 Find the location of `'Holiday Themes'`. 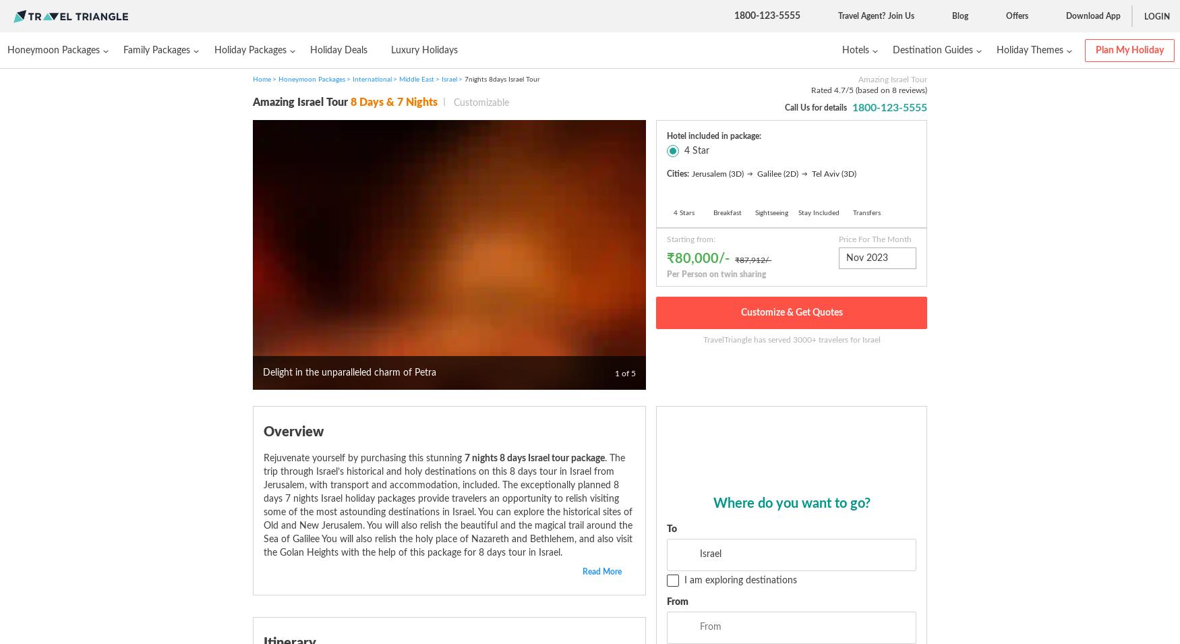

'Holiday Themes' is located at coordinates (1029, 49).